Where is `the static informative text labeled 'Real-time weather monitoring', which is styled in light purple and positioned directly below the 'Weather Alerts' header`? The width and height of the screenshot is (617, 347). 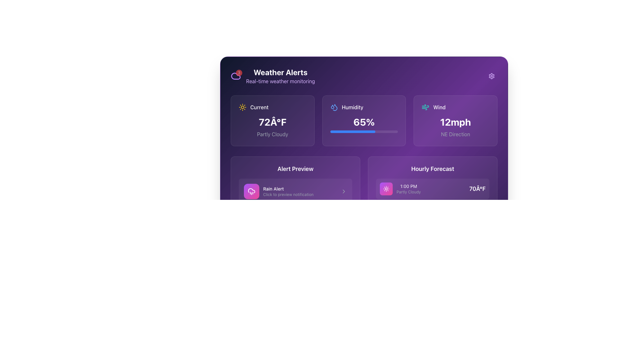 the static informative text labeled 'Real-time weather monitoring', which is styled in light purple and positioned directly below the 'Weather Alerts' header is located at coordinates (281, 81).